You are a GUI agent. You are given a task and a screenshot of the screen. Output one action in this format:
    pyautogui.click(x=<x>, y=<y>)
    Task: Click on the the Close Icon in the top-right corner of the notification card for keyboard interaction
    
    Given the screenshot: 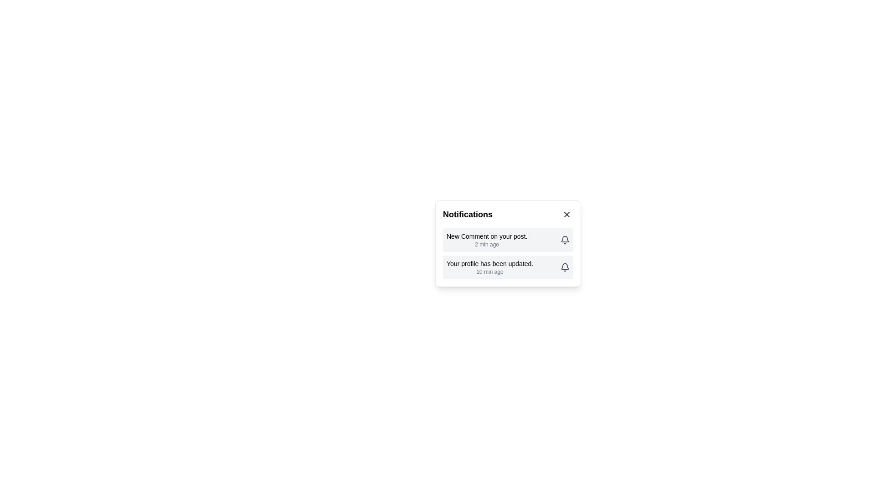 What is the action you would take?
    pyautogui.click(x=566, y=214)
    